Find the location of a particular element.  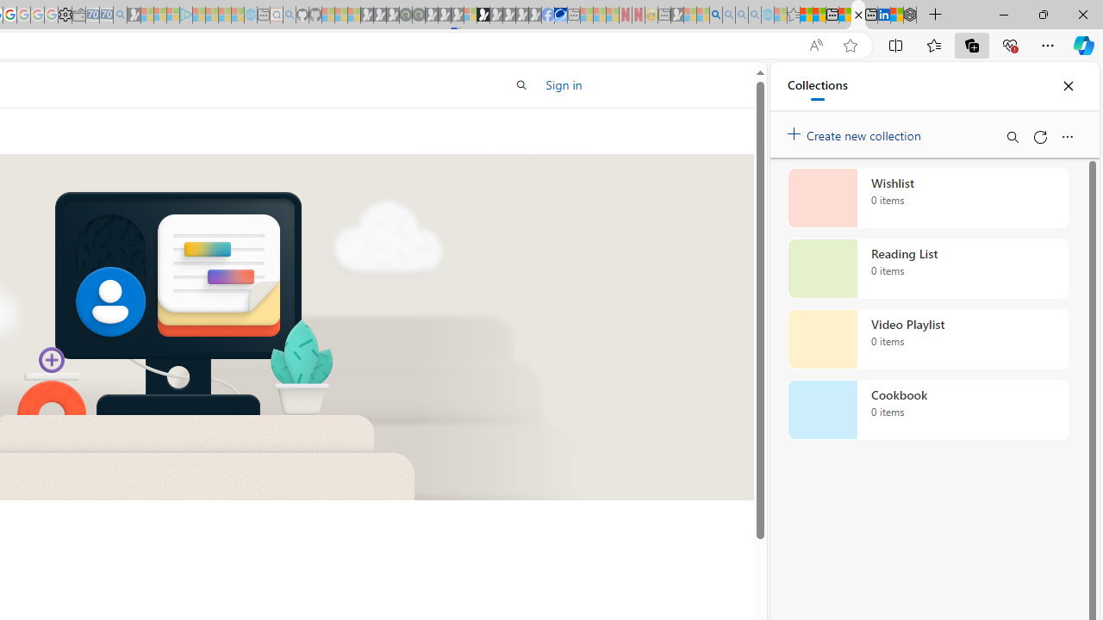

'Training for Administrators | Microsoft Learn' is located at coordinates (858, 15).